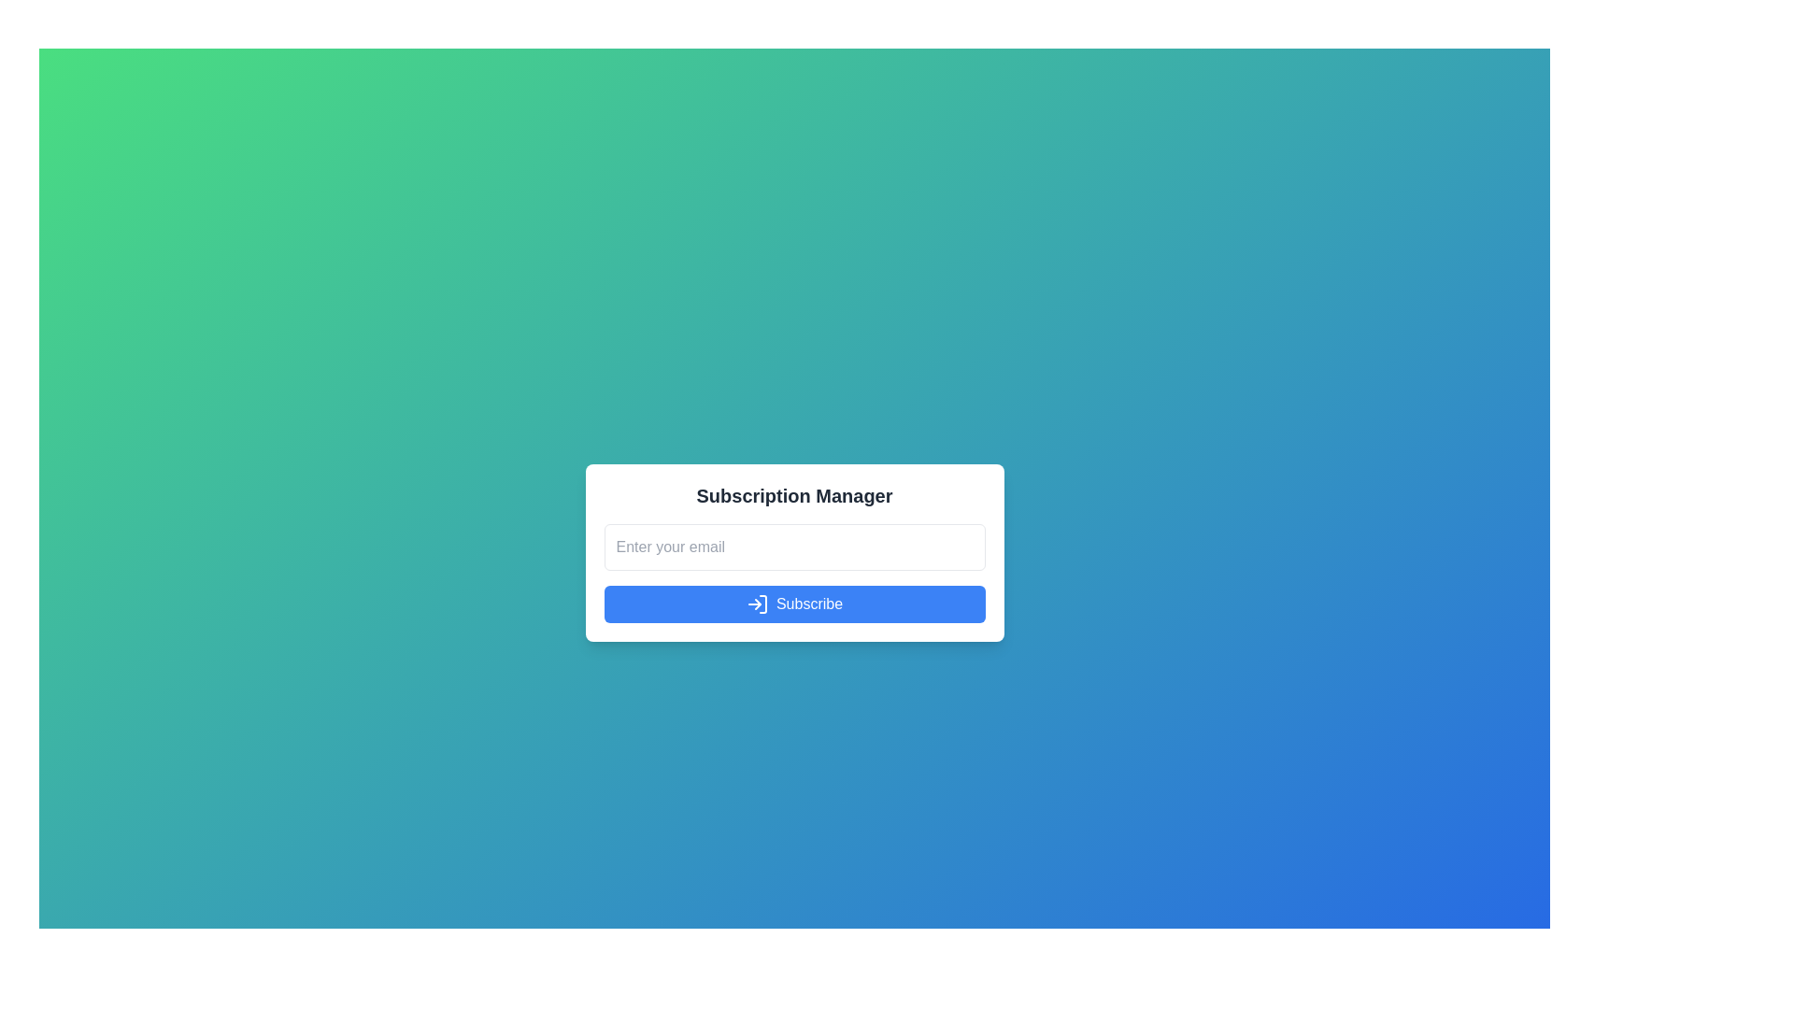  I want to click on the rightward pointing arrow icon, which is white on a blue background, located inside the 'Subscribe' button, so click(758, 604).